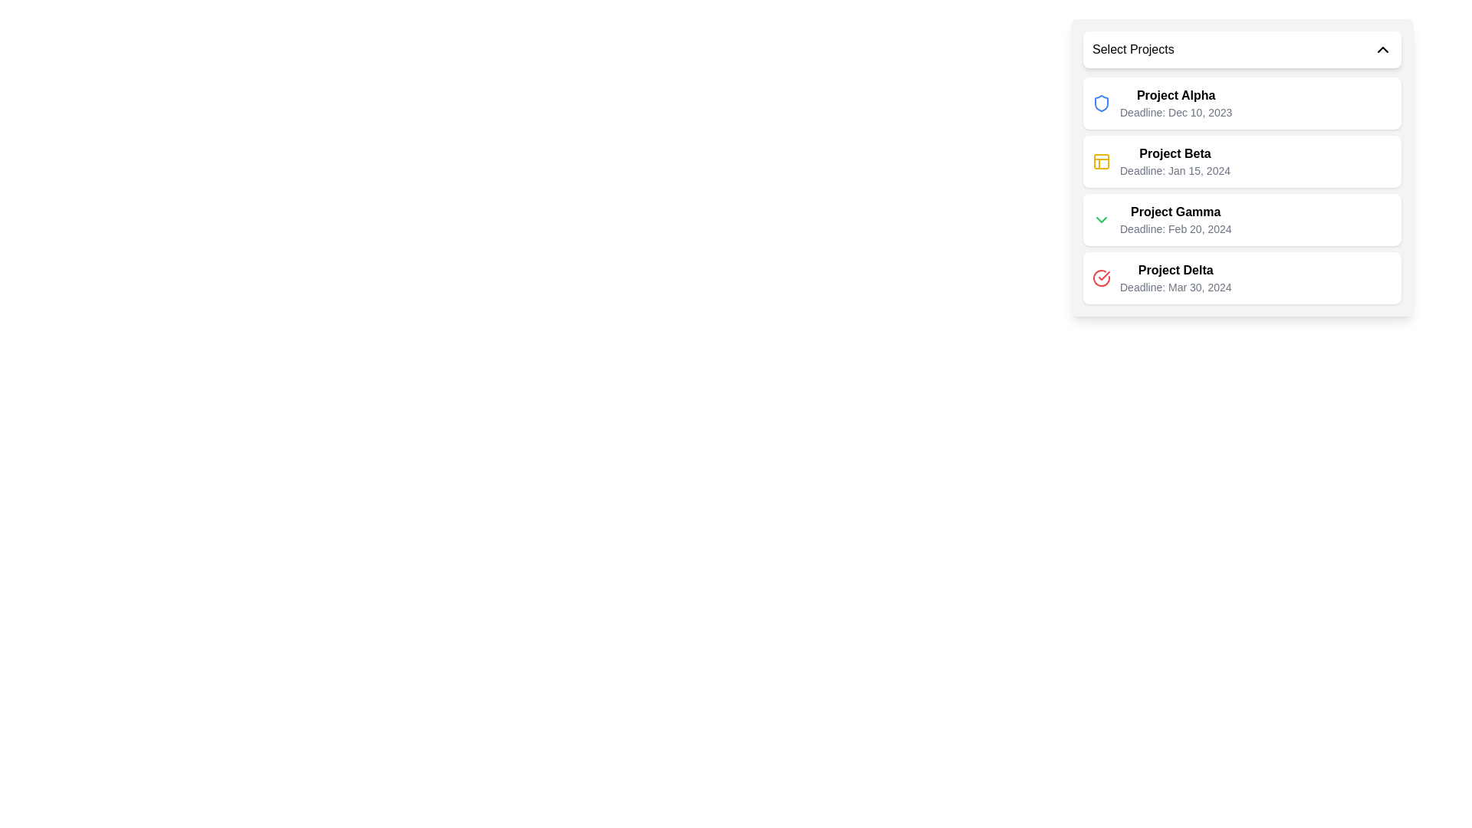 This screenshot has width=1472, height=828. Describe the element at coordinates (1242, 219) in the screenshot. I see `the third selectable project list item titled with deadline information, located under 'Select Projects', positioned between 'Project Beta' and 'Project Delta'` at that location.